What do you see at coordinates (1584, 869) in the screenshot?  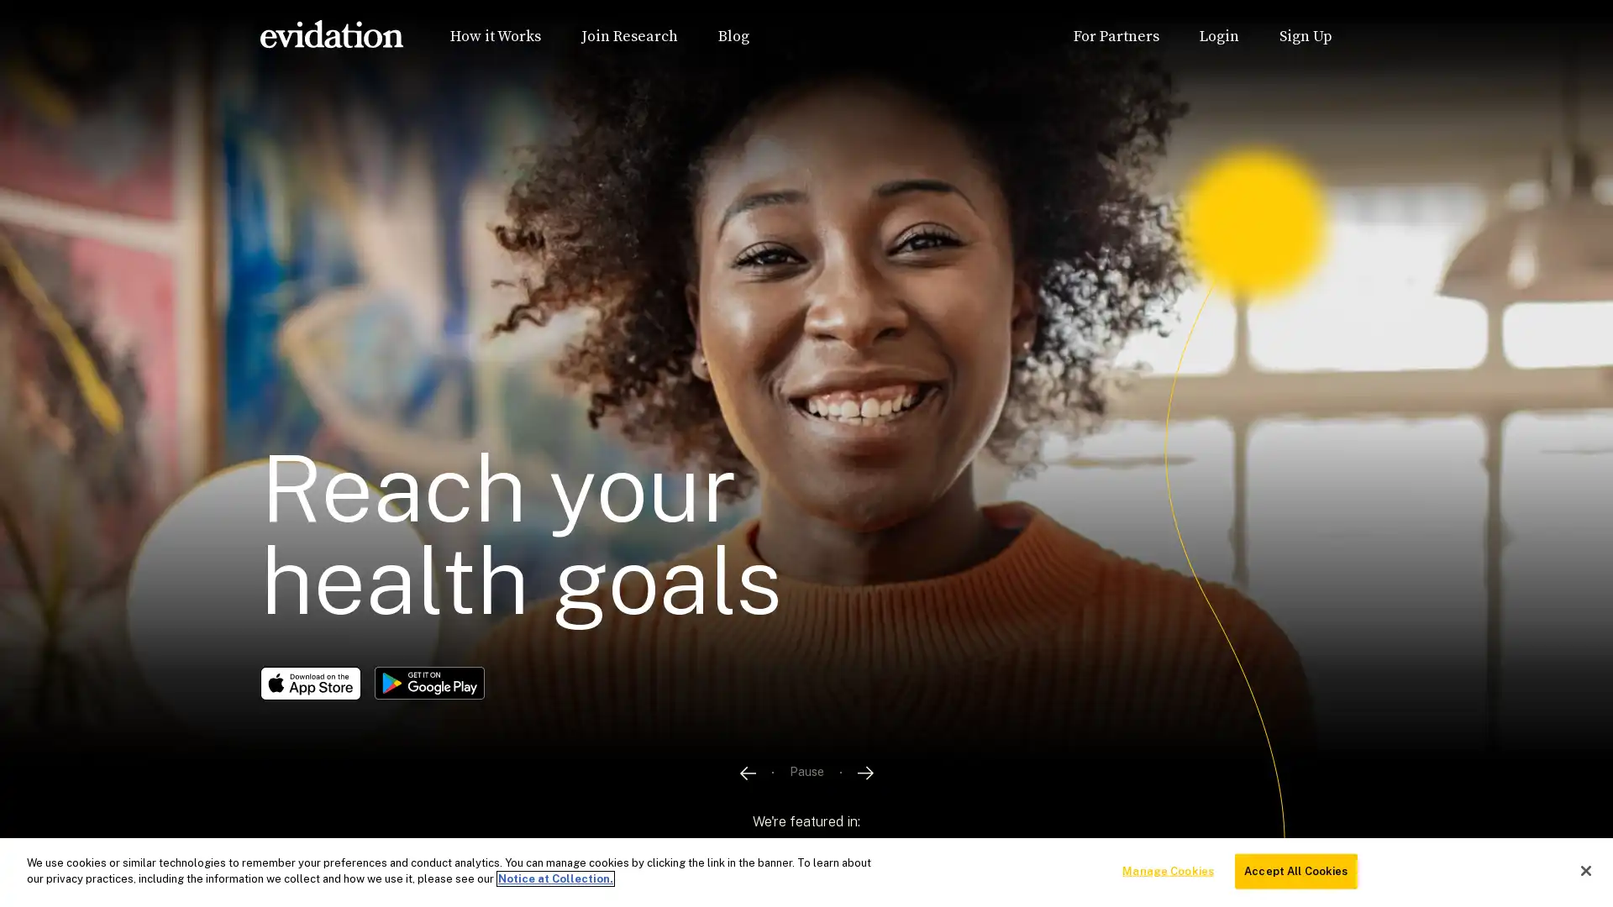 I see `Close` at bounding box center [1584, 869].